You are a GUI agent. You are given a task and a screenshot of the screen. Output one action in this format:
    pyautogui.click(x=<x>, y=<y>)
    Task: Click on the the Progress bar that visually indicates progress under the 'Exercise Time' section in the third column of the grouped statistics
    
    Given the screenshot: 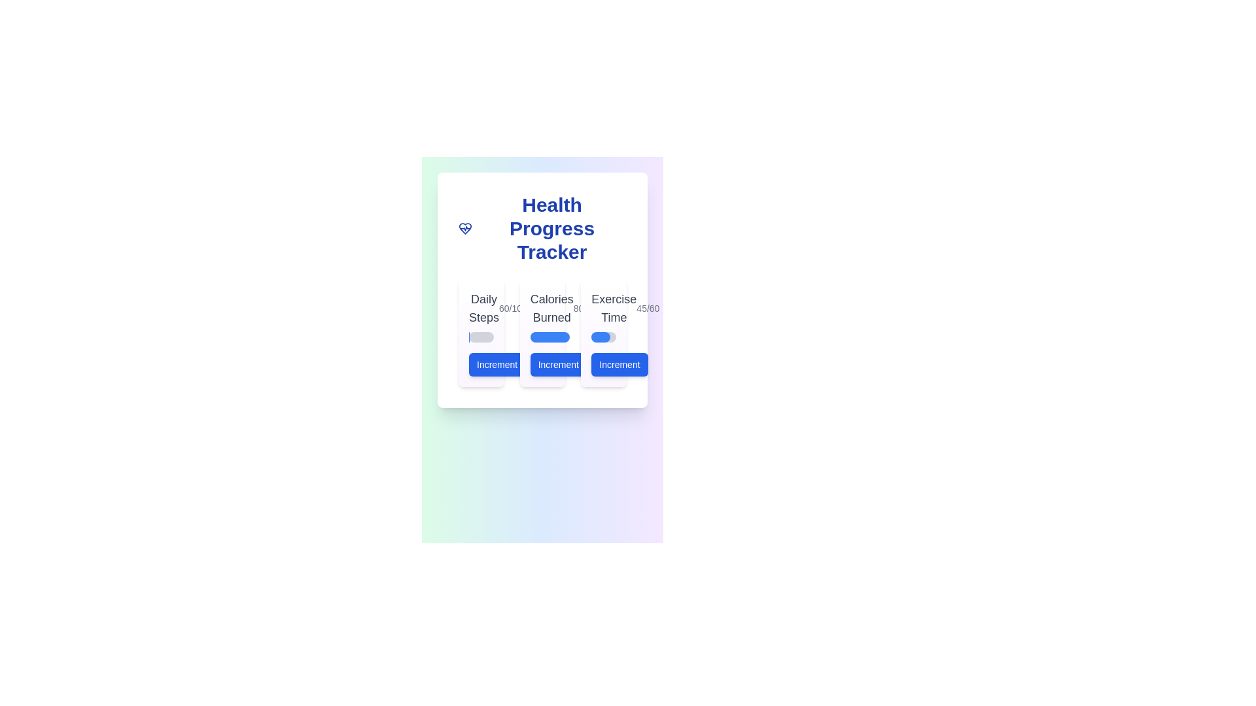 What is the action you would take?
    pyautogui.click(x=600, y=337)
    